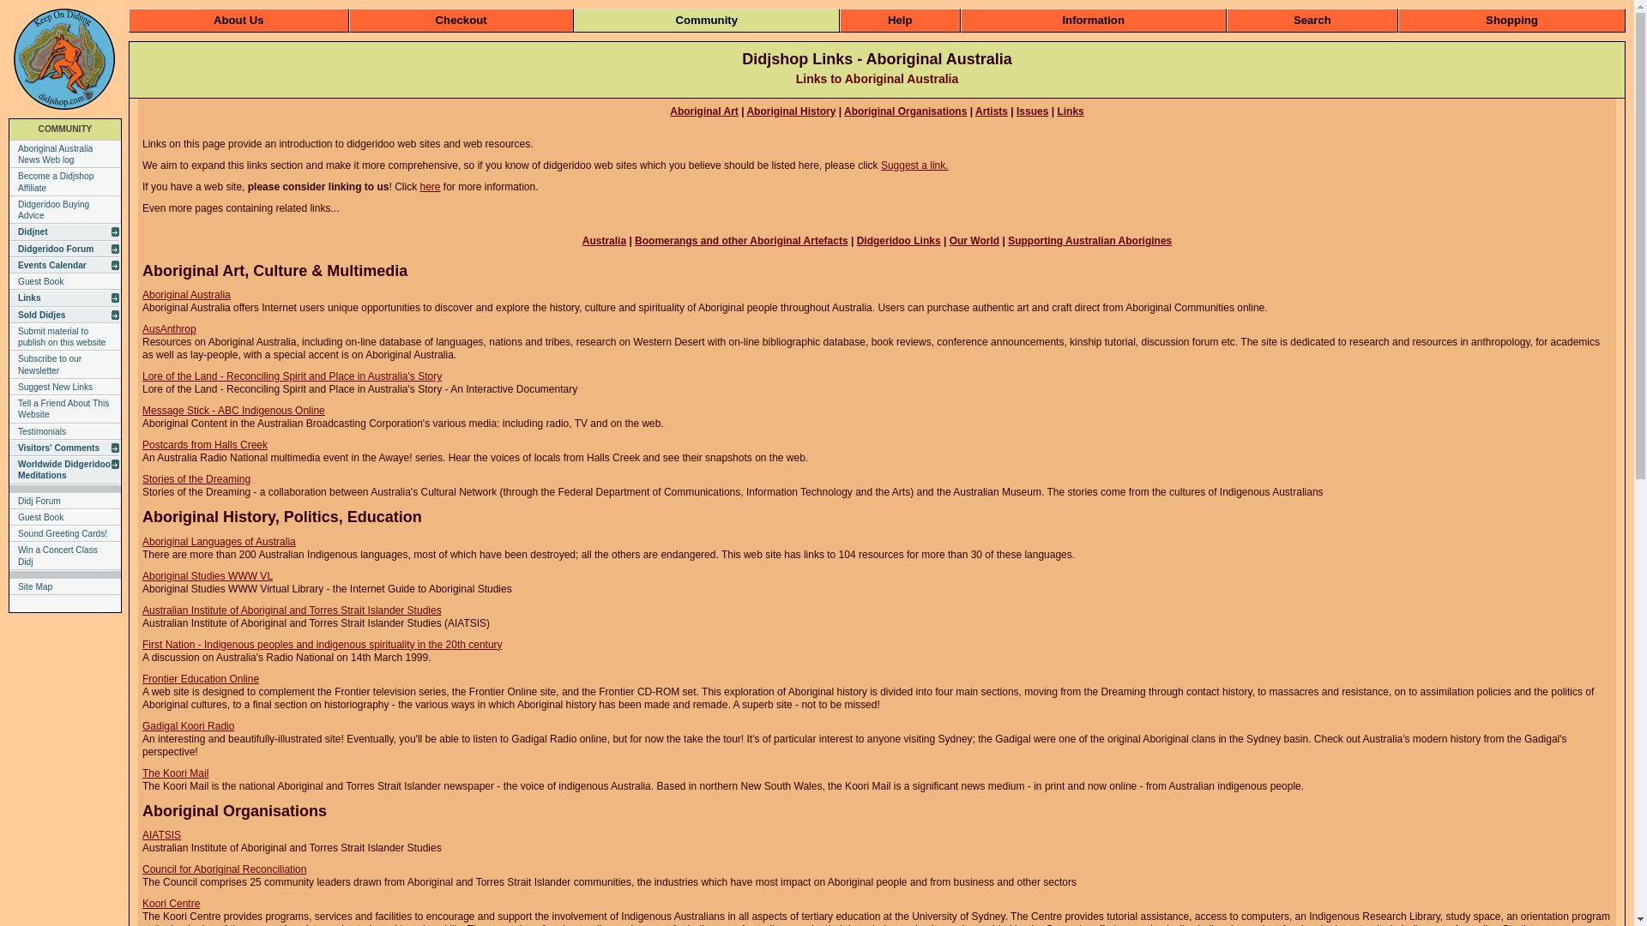 The height and width of the screenshot is (926, 1647). What do you see at coordinates (65, 556) in the screenshot?
I see `'Win a Concert Class Didj'` at bounding box center [65, 556].